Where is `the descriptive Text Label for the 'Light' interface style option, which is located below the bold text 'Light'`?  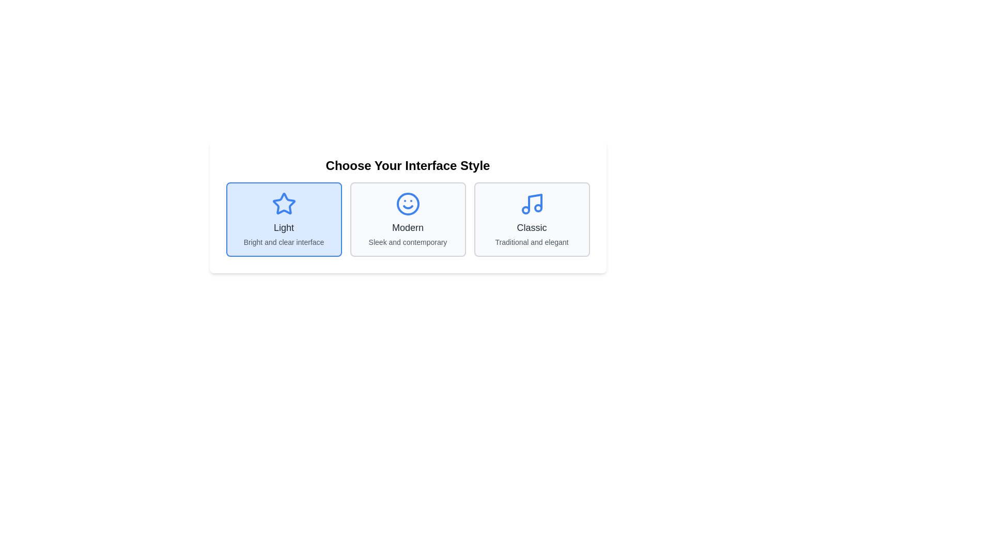
the descriptive Text Label for the 'Light' interface style option, which is located below the bold text 'Light' is located at coordinates (284, 242).